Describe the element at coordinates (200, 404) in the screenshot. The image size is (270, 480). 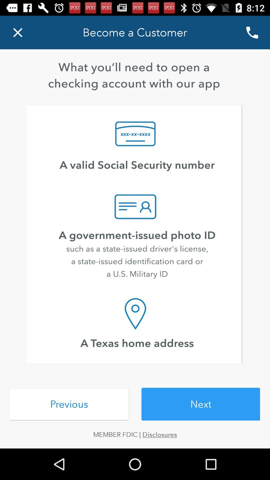
I see `the next` at that location.